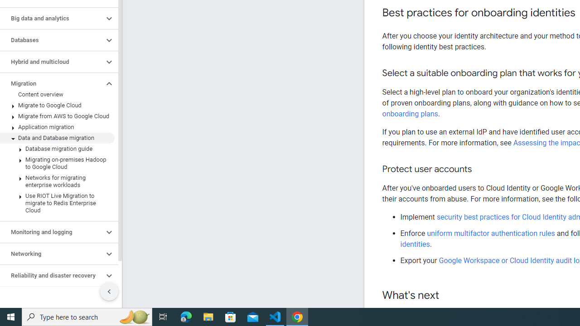 This screenshot has height=326, width=580. I want to click on 'Big data and analytics', so click(51, 19).